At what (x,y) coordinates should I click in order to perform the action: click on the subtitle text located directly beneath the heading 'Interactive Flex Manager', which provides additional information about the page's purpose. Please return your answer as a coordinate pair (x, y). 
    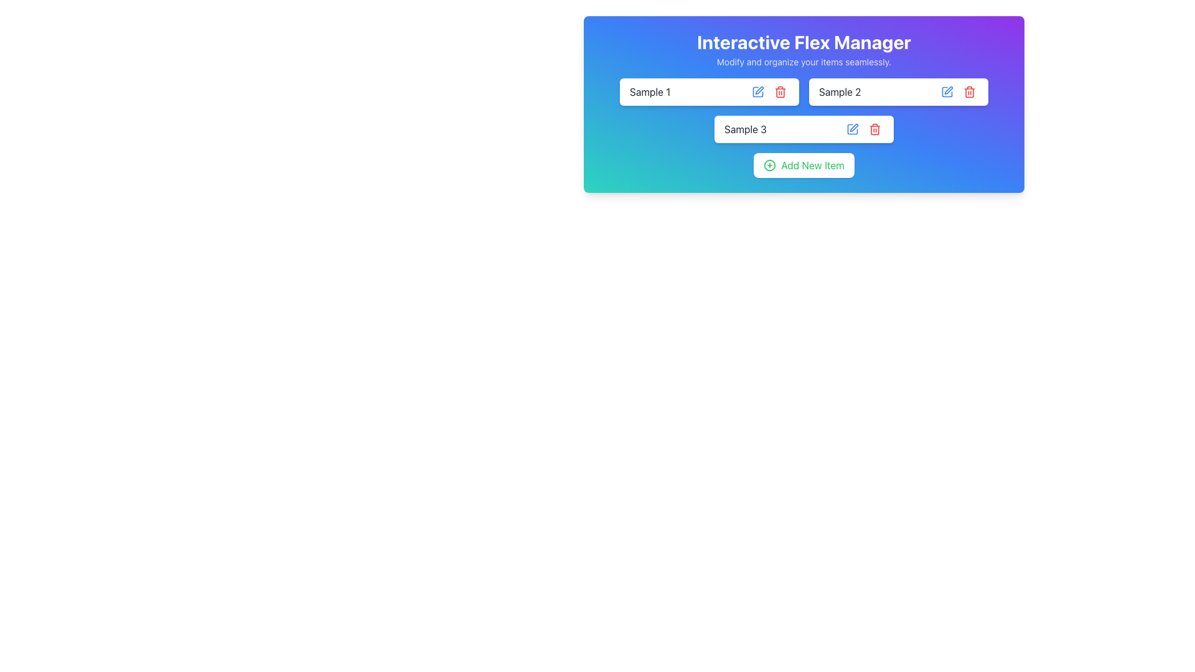
    Looking at the image, I should click on (804, 62).